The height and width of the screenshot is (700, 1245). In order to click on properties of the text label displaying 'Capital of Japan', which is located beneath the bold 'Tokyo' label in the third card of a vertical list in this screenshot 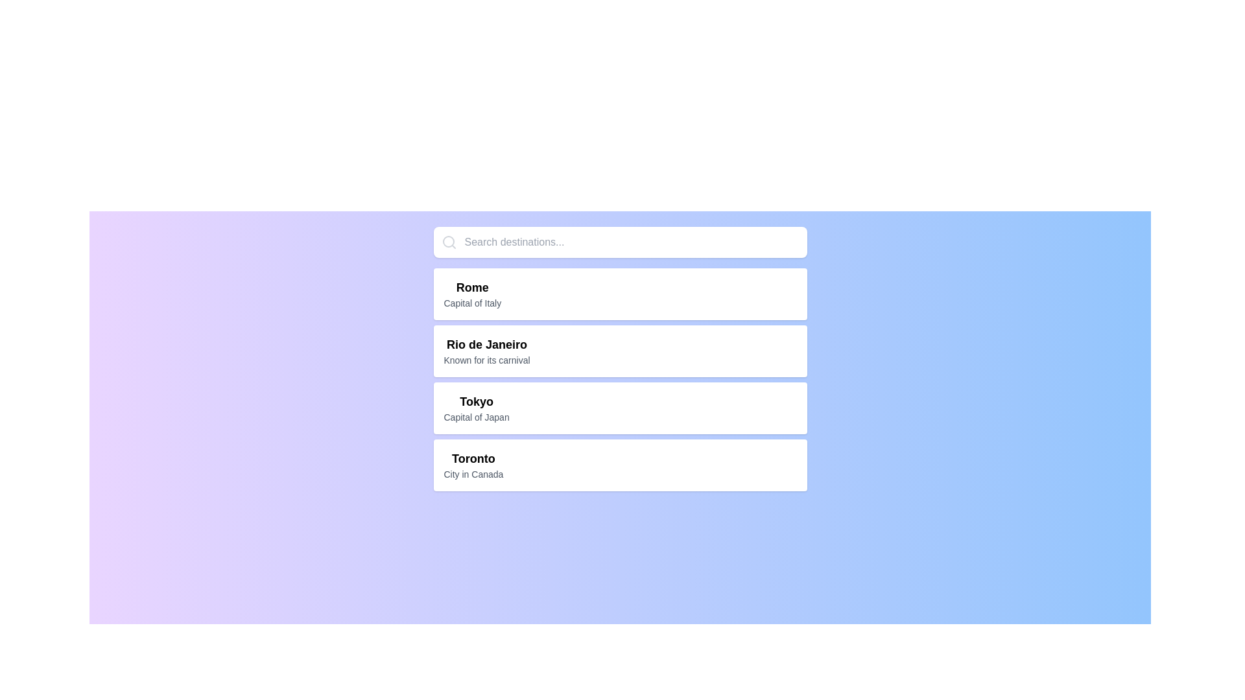, I will do `click(475, 417)`.